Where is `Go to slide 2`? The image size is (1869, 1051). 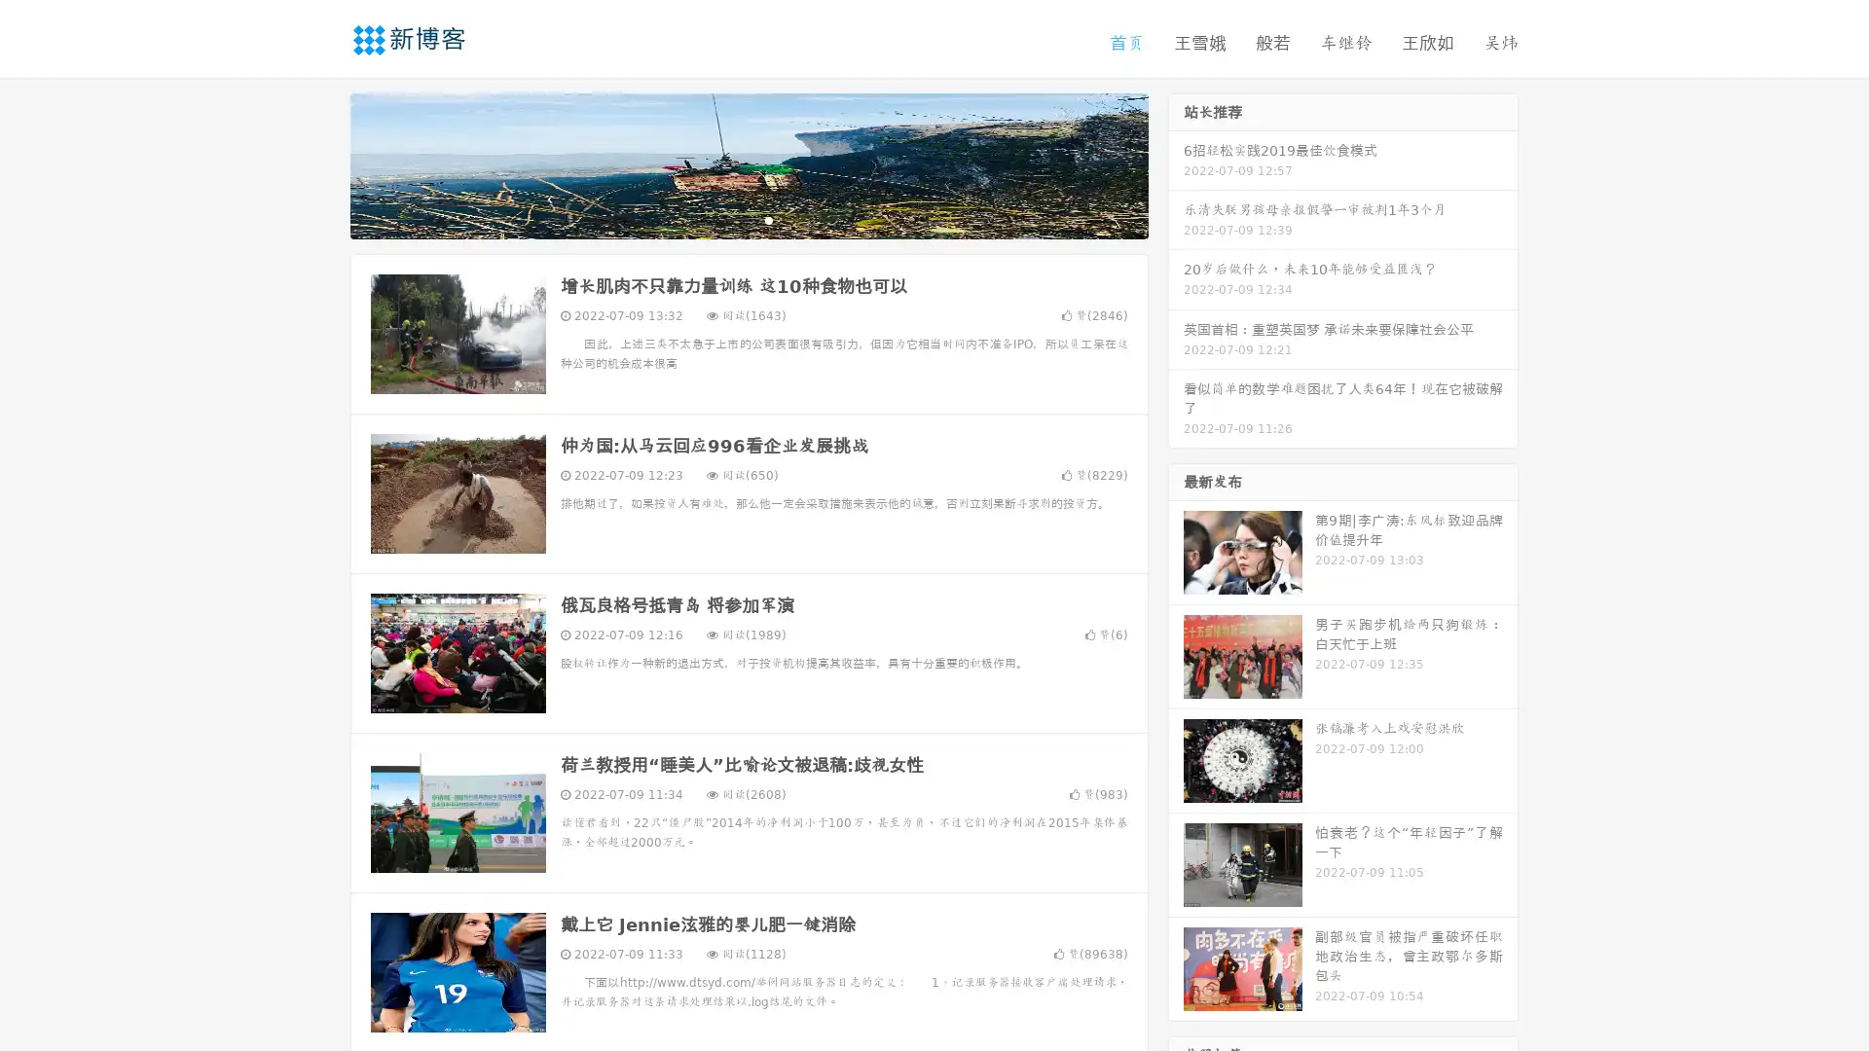 Go to slide 2 is located at coordinates (748, 219).